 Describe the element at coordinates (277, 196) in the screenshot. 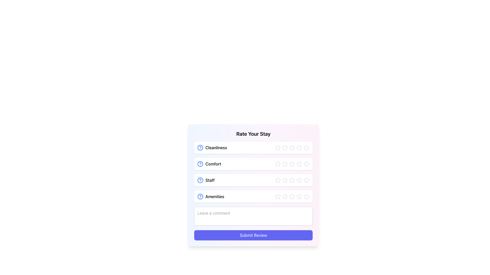

I see `the first rating star in the 'Rate Your Stay' form` at that location.